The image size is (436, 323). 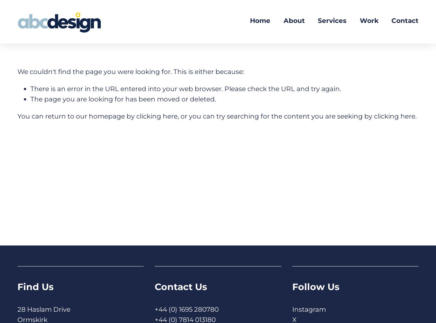 I want to click on 'Instagram', so click(x=308, y=308).